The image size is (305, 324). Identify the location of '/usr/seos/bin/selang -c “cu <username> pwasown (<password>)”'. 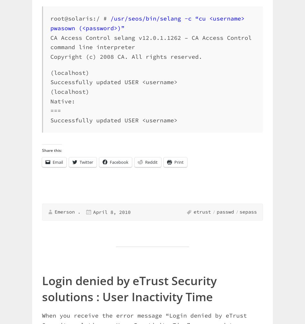
(147, 23).